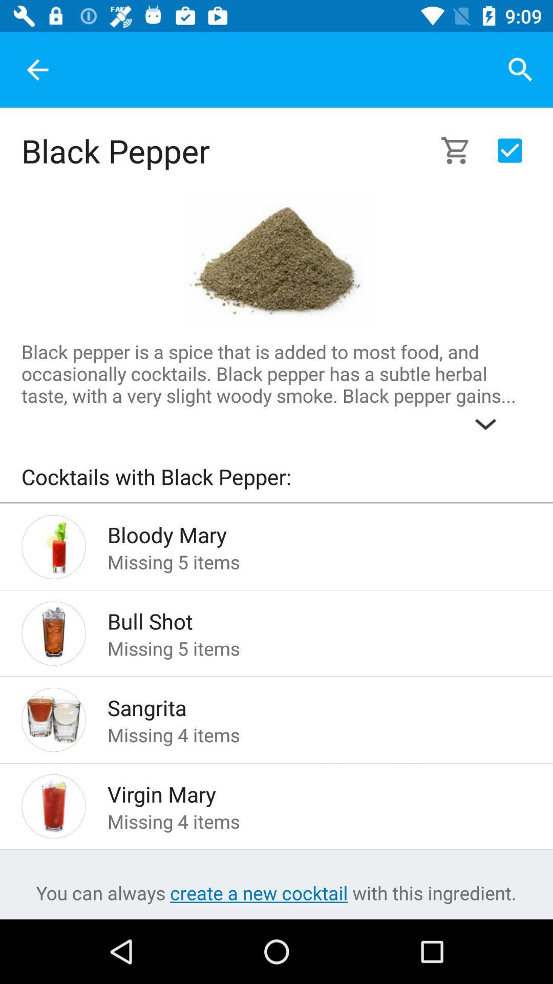  Describe the element at coordinates (461, 150) in the screenshot. I see `click on the cart symbol` at that location.